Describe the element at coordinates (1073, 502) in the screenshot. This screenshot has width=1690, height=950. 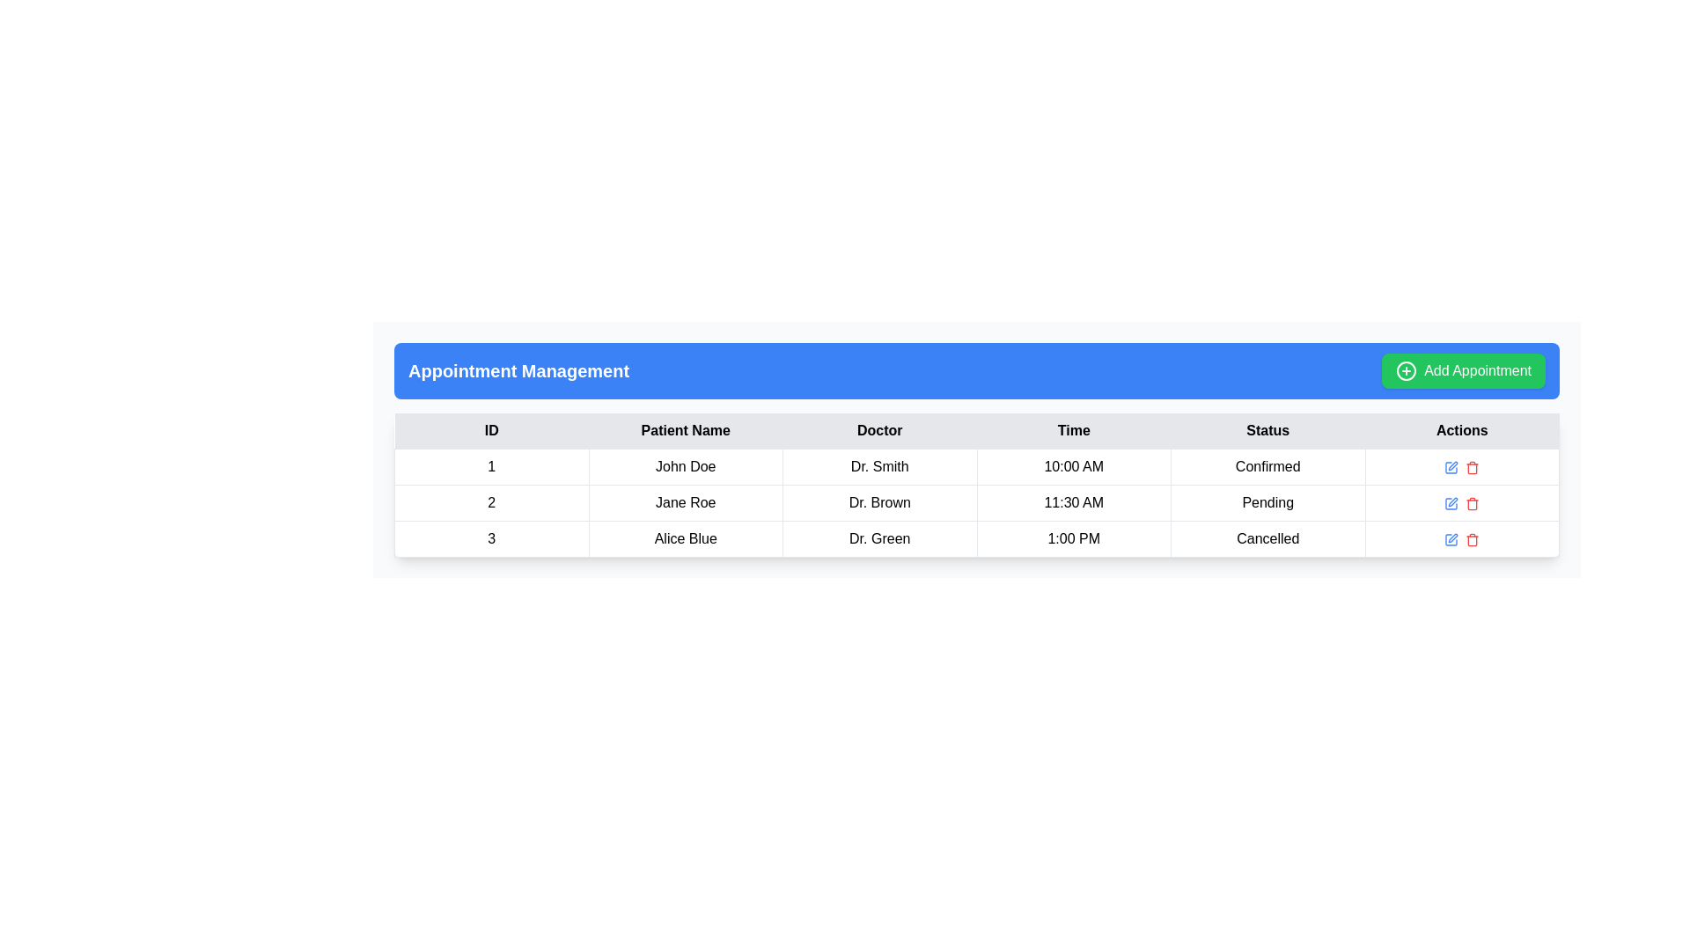
I see `the static text element that displays the scheduled time for the appointment of 'Jane Roe' with 'Dr. Brown', located in the 'Time' column of the second row` at that location.